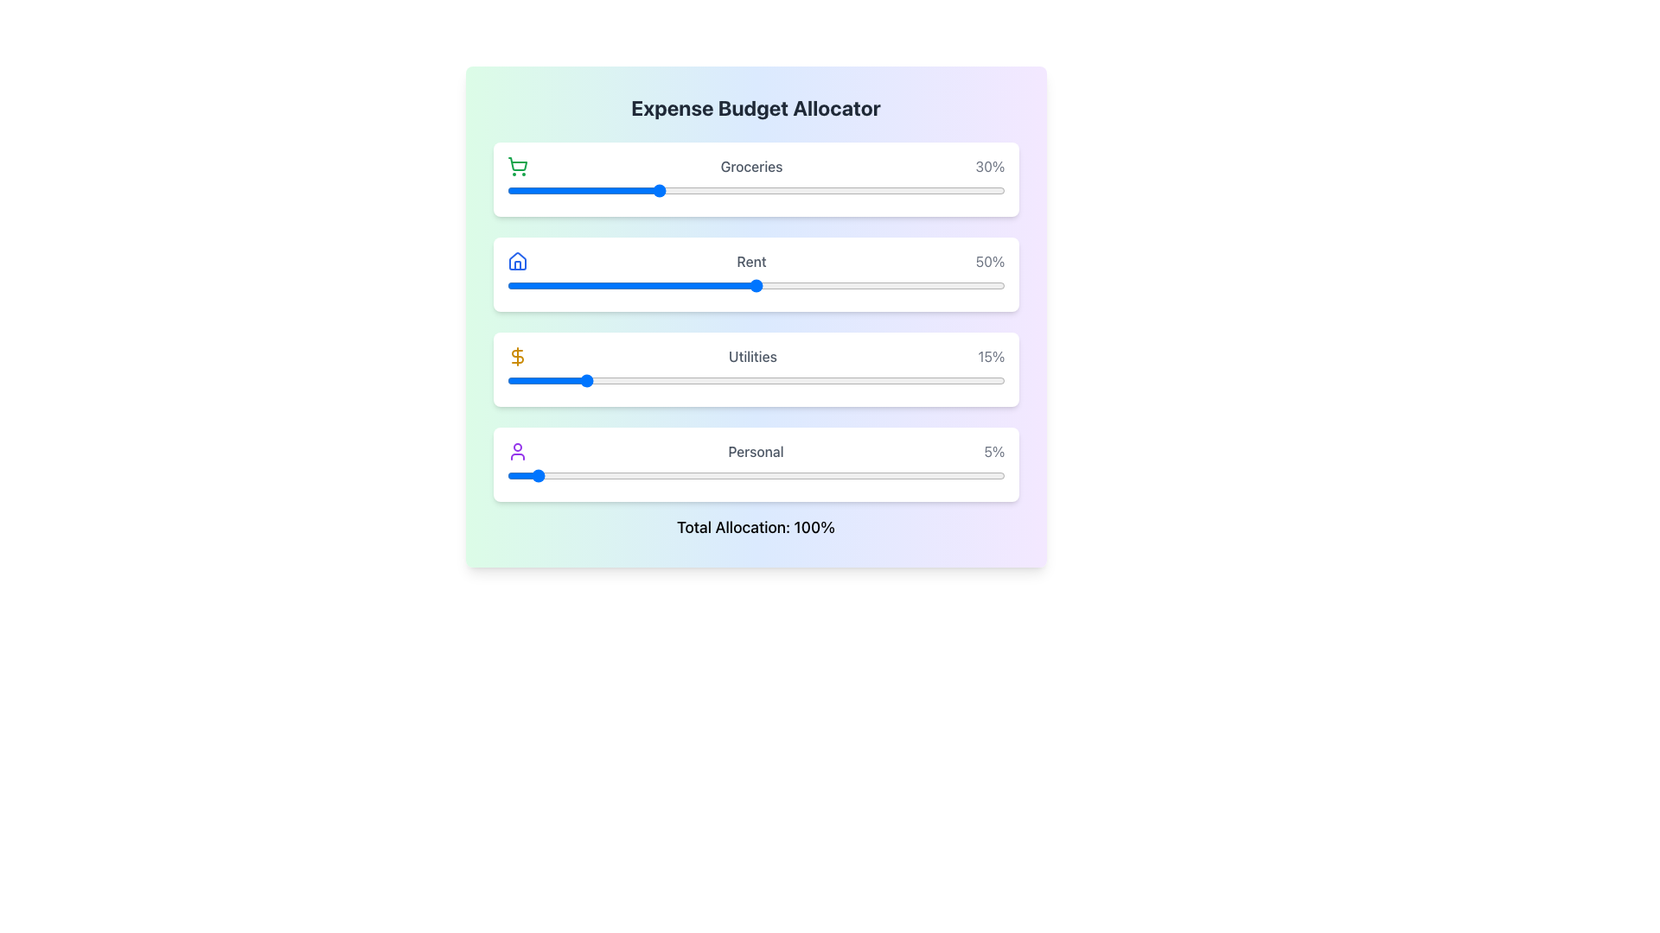 The width and height of the screenshot is (1660, 933). What do you see at coordinates (756, 190) in the screenshot?
I see `the range slider track to set the percentage allocation for the 'Groceries' category, located under the label 'Groceries' and next to the percentage display '30%'` at bounding box center [756, 190].